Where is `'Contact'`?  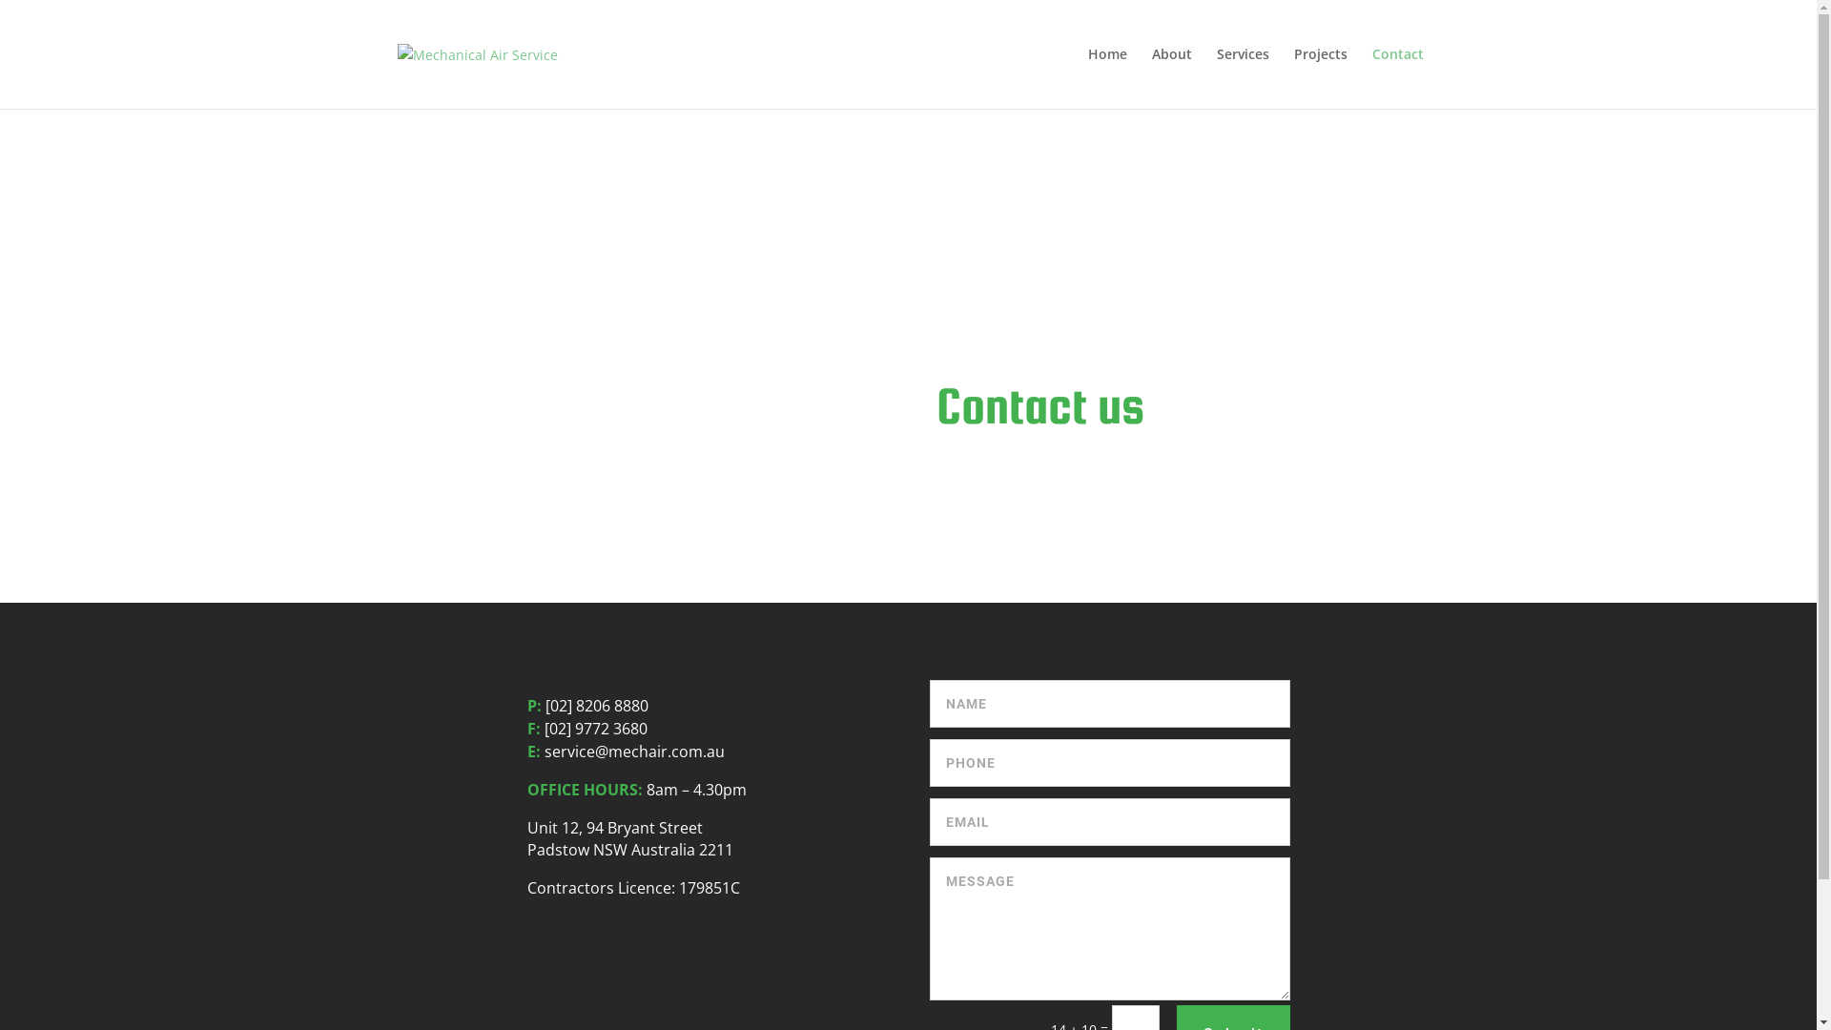 'Contact' is located at coordinates (1396, 76).